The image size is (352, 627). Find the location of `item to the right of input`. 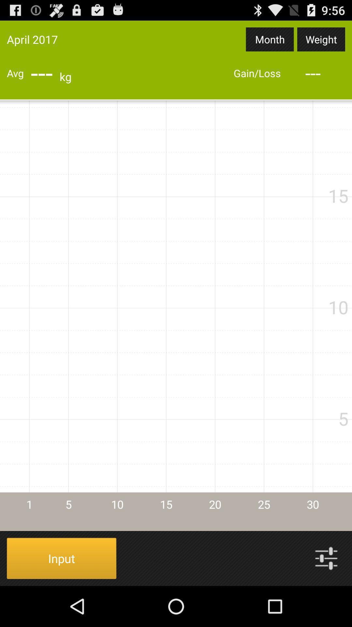

item to the right of input is located at coordinates (326, 558).